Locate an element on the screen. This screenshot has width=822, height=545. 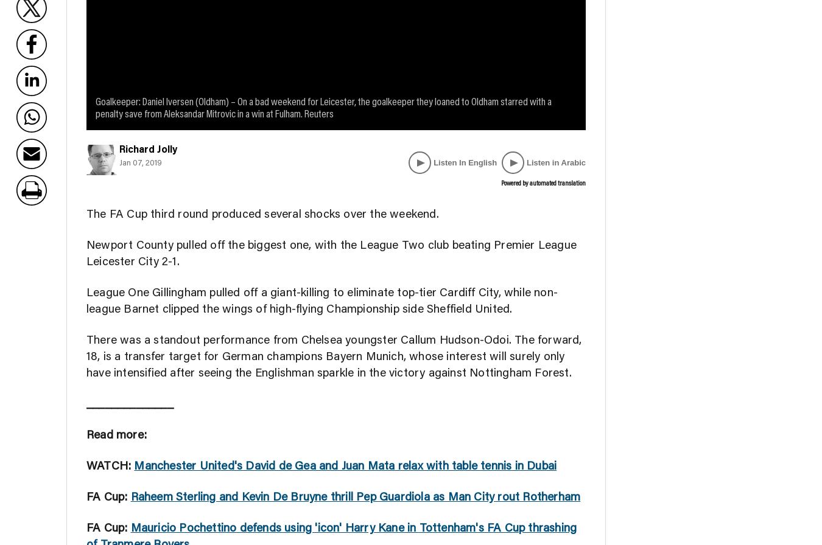
'Cricket' is located at coordinates (594, 22).